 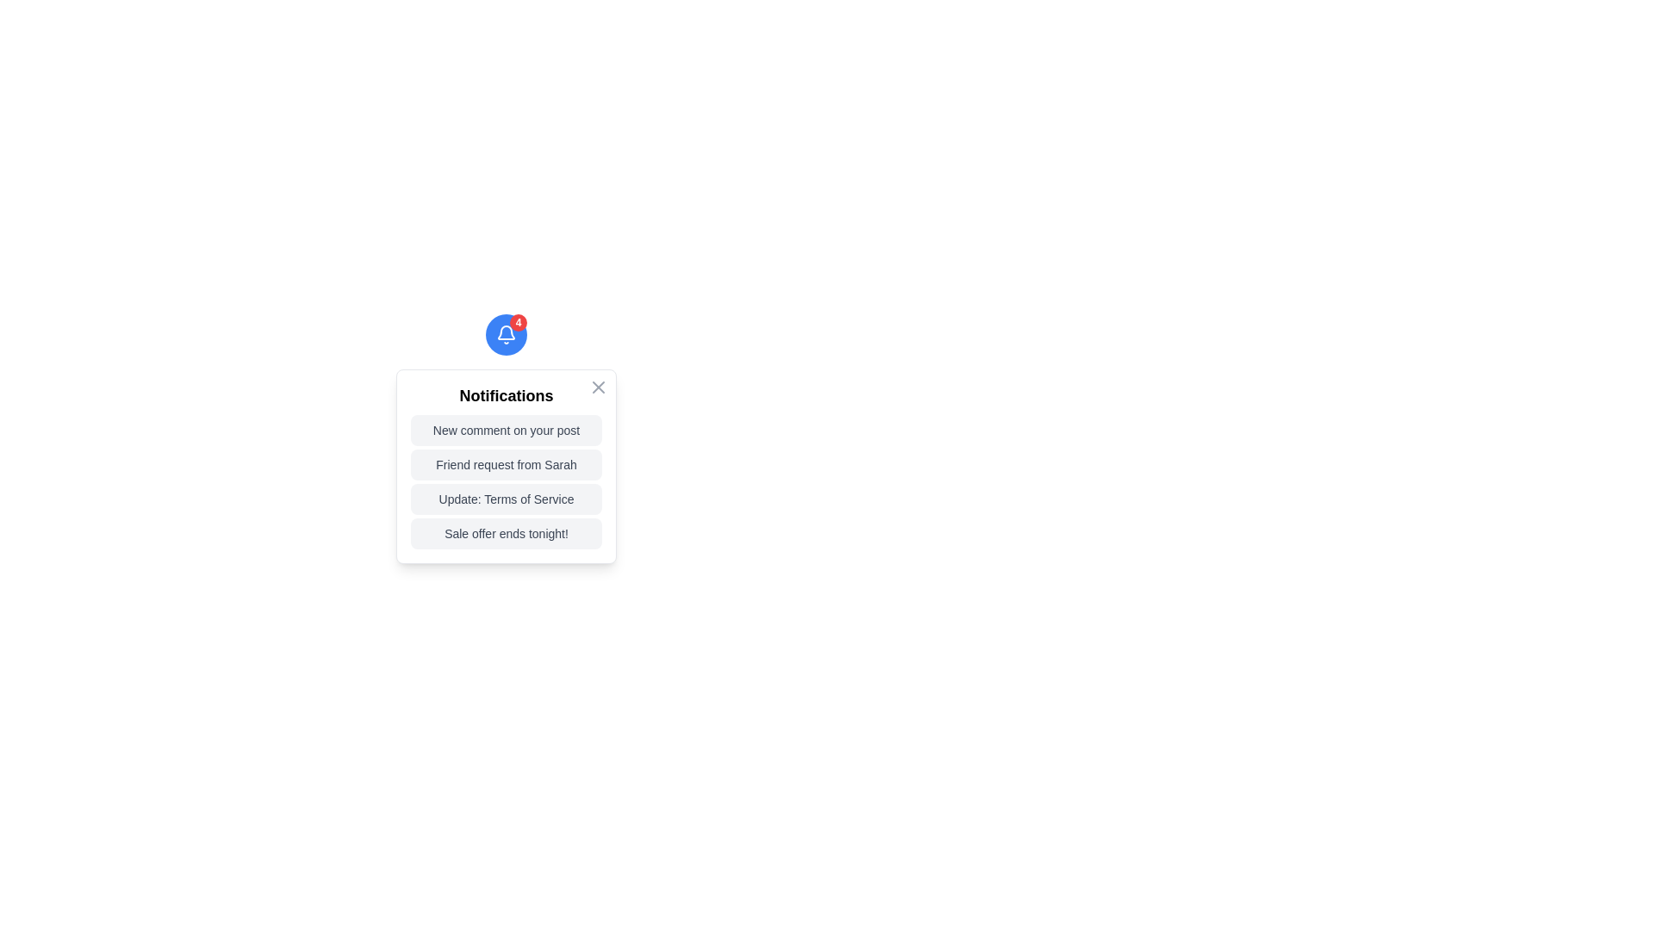 What do you see at coordinates (506, 335) in the screenshot?
I see `the bell icon, which is a white notification symbol outlined in a thin stroke, located at the center of a blue circular background just above the notification badge` at bounding box center [506, 335].